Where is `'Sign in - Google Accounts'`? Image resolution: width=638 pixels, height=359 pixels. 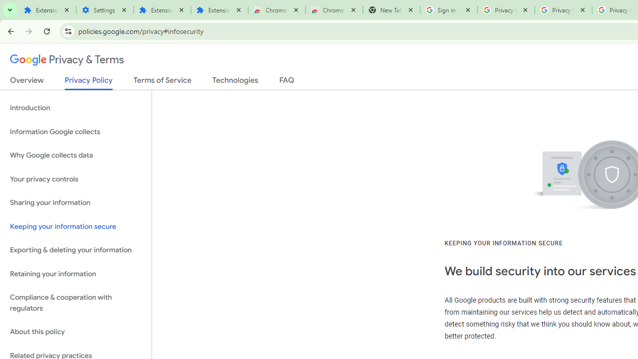
'Sign in - Google Accounts' is located at coordinates (448, 10).